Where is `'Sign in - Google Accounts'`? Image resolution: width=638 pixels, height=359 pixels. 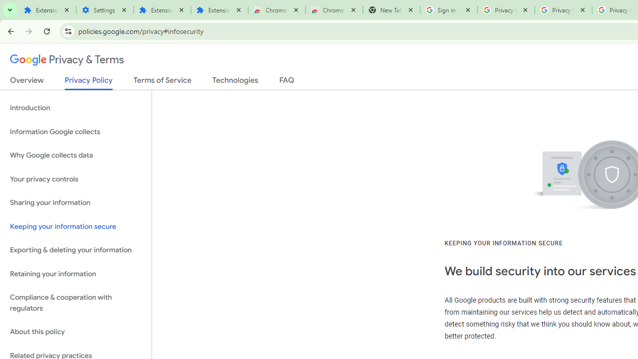
'Sign in - Google Accounts' is located at coordinates (448, 10).